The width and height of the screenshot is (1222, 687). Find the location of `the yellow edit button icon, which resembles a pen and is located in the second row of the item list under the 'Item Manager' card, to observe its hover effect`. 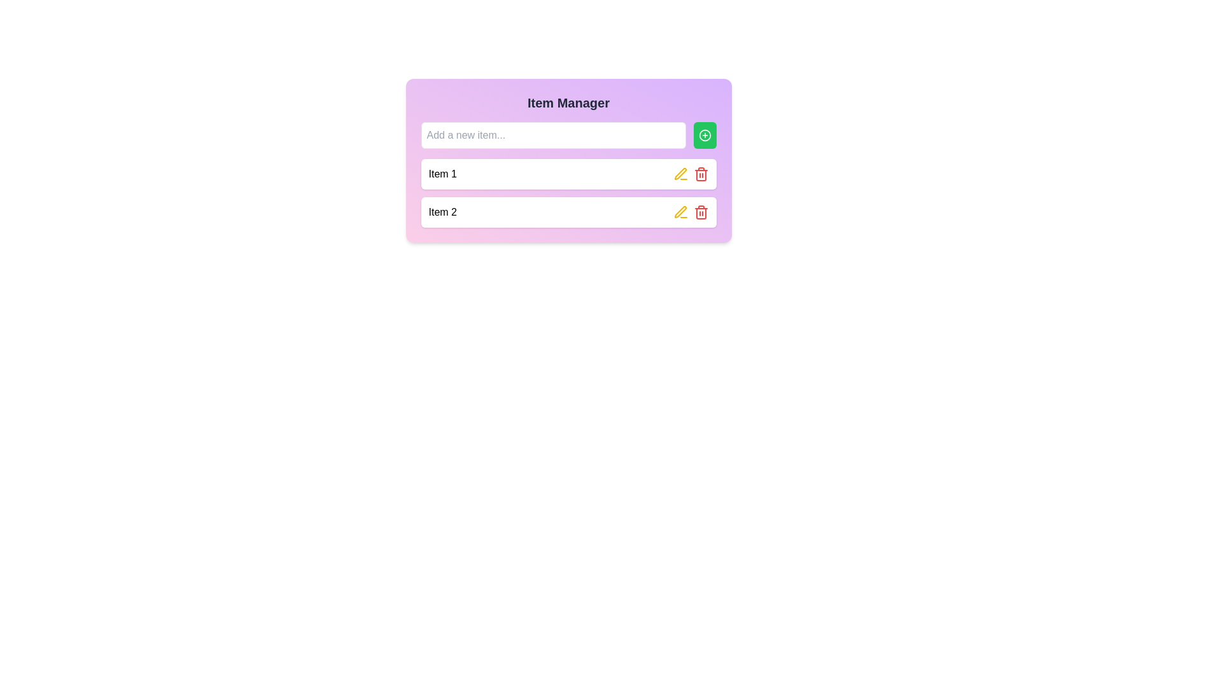

the yellow edit button icon, which resembles a pen and is located in the second row of the item list under the 'Item Manager' card, to observe its hover effect is located at coordinates (680, 212).